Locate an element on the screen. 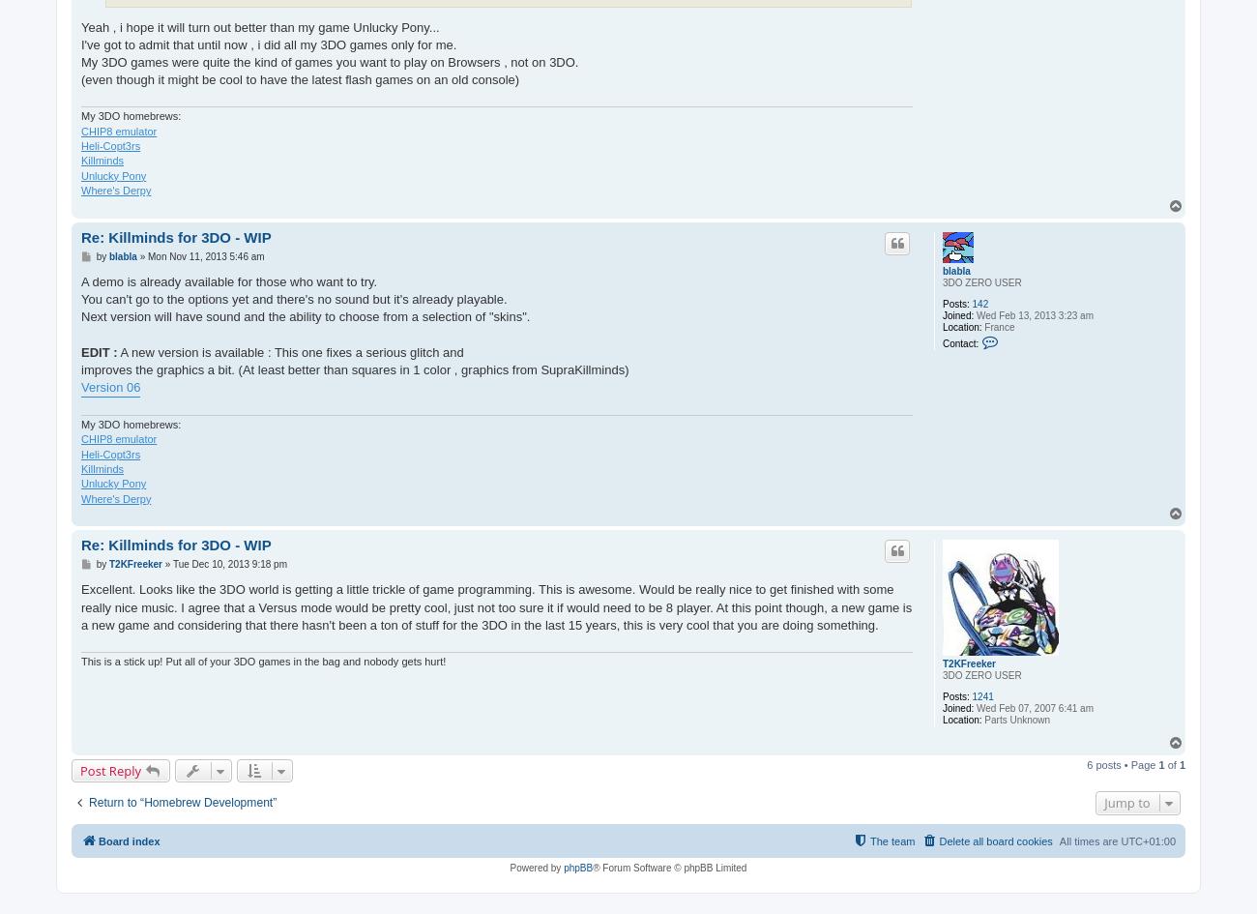  'Yeah , i hope it will turn out better than my game Unlucky Pony...' is located at coordinates (258, 26).